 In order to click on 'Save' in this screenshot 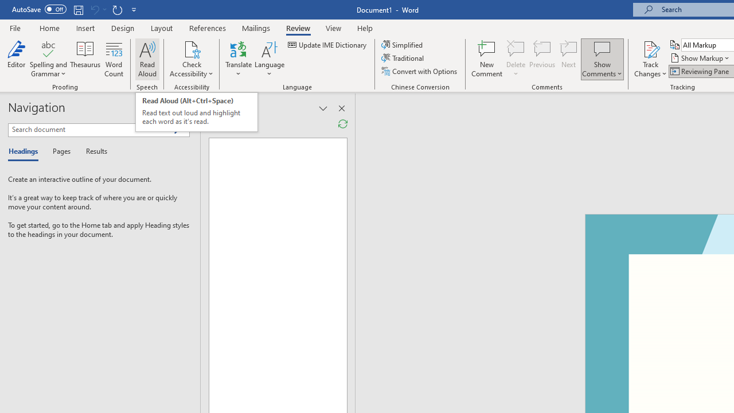, I will do `click(77, 9)`.